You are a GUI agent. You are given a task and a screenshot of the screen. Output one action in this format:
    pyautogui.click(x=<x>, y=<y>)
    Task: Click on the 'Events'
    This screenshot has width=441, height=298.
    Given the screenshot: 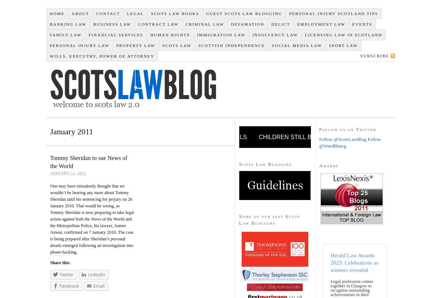 What is the action you would take?
    pyautogui.click(x=362, y=23)
    